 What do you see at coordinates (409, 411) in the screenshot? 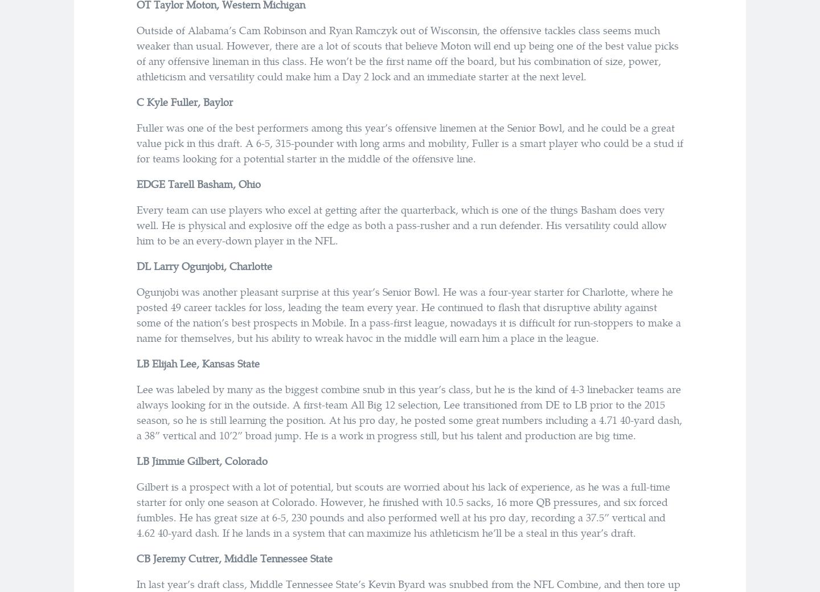
I see `'Lee was labeled by many as the biggest combine snub in this year’s class, but he is the kind of 4-3 linebacker teams are always looking for in the outside. A first-team All Big 12 selection, Lee transitioned from DE to LB prior to the 2015 season, so he is still learning the position. At his pro day, he posted some great numbers including a 4.71 40-yard dash, a 38” vertical and 10’2” broad jump. He is a work in progress still, but his talent and production are big time.'` at bounding box center [409, 411].